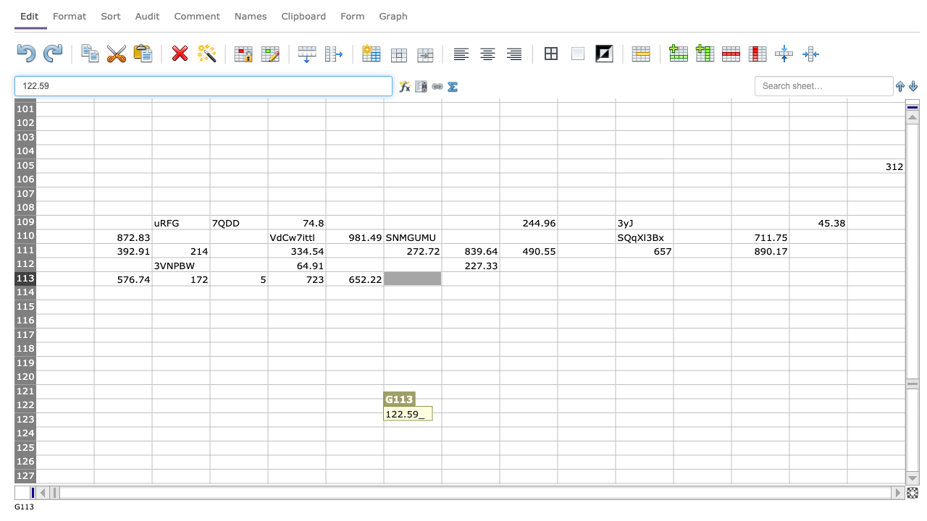  Describe the element at coordinates (470, 420) in the screenshot. I see `Activate cell H123` at that location.